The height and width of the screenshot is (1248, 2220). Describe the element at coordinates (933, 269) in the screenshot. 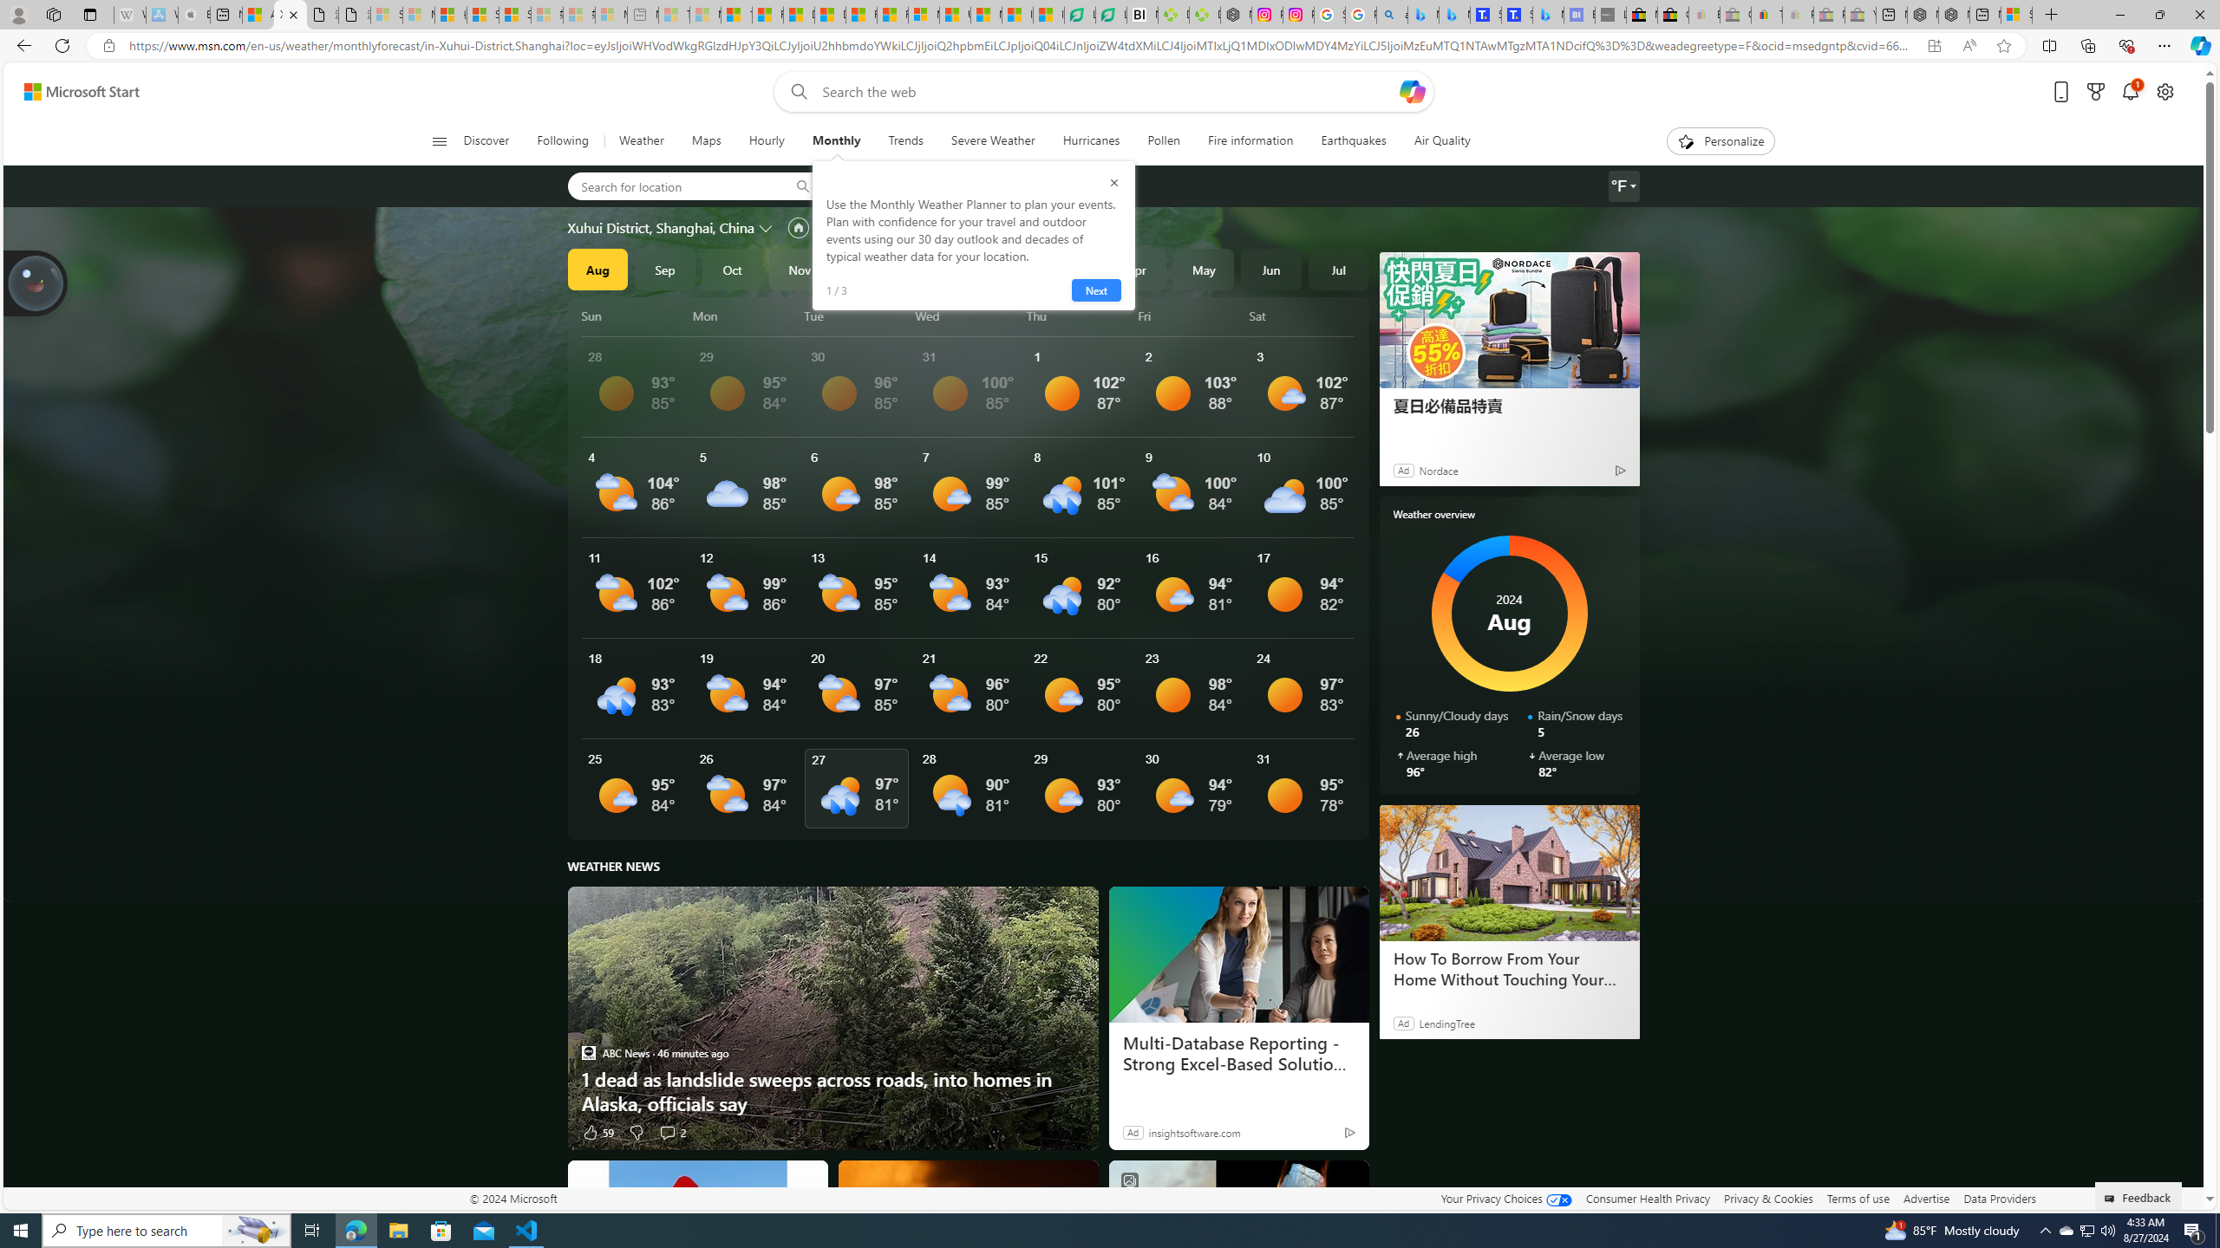

I see `'2025 Jan'` at that location.